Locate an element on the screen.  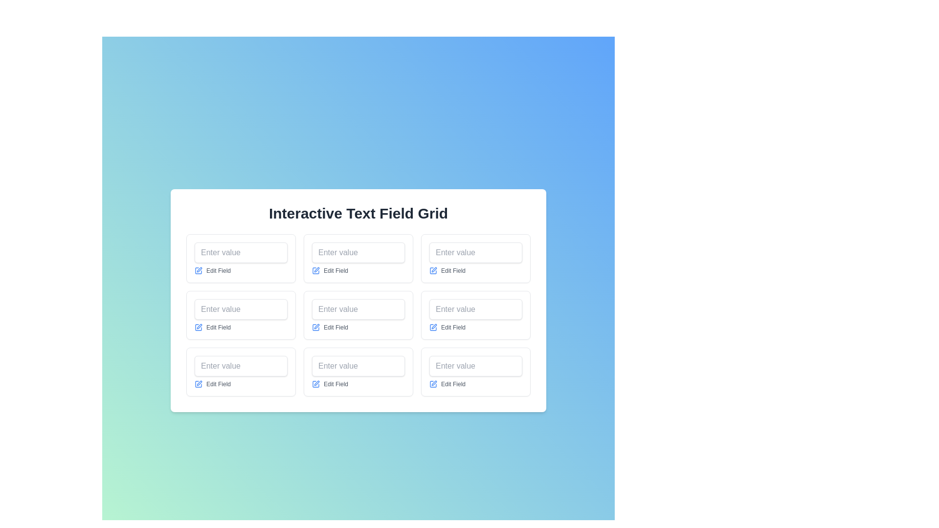
the blue outlined pen icon within the 'Edit Field' button is located at coordinates (434, 382).